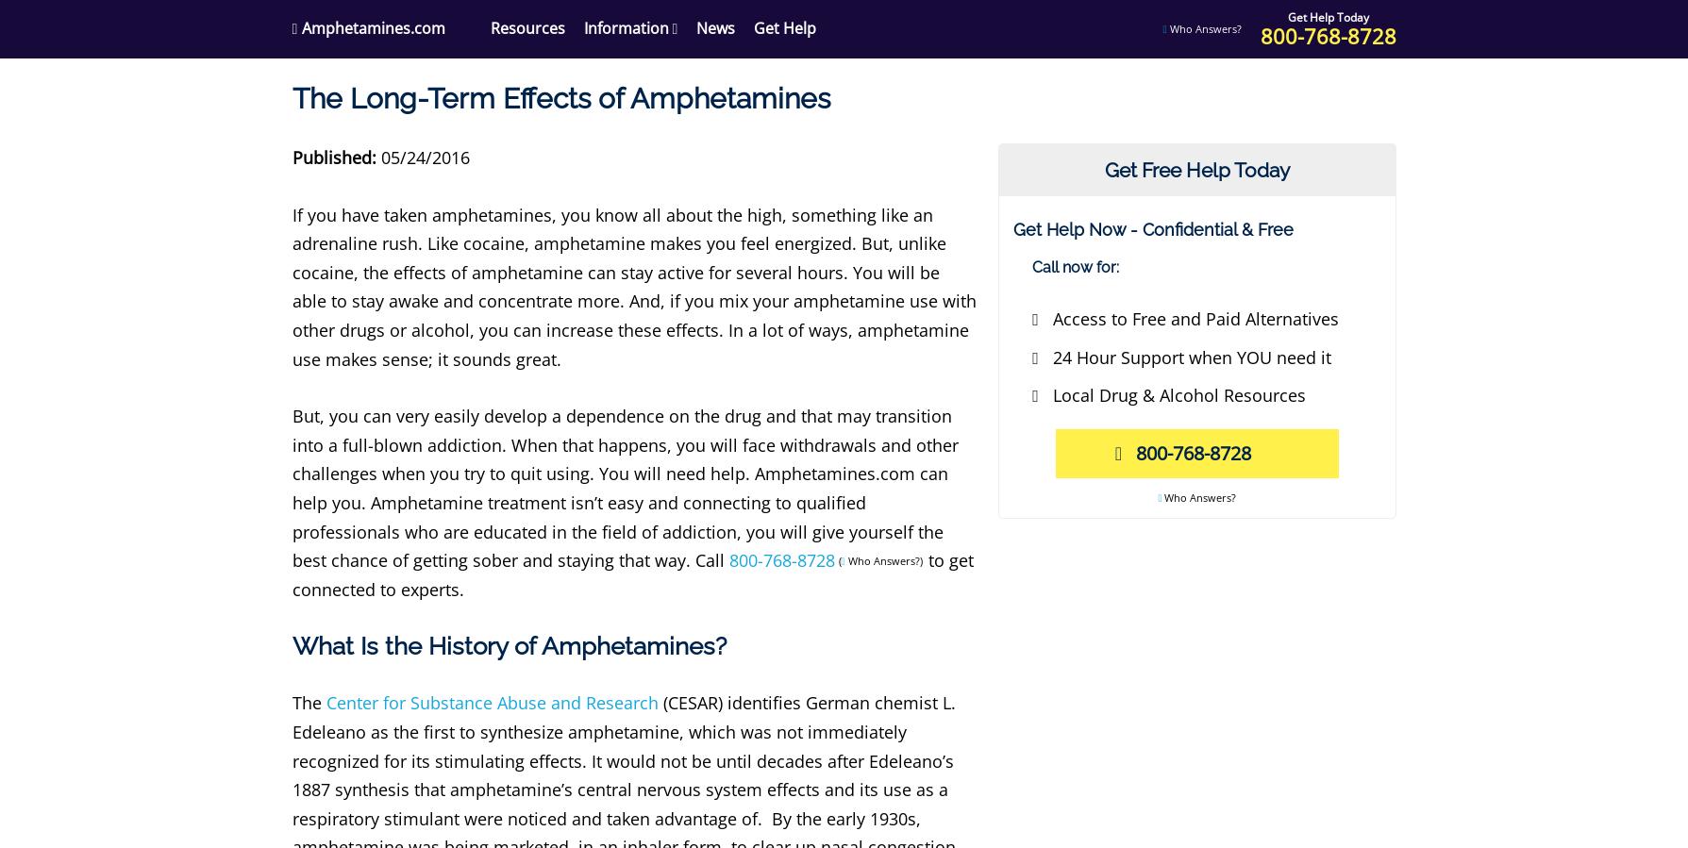 The height and width of the screenshot is (848, 1688). What do you see at coordinates (846, 560) in the screenshot?
I see `'Who Answers?)'` at bounding box center [846, 560].